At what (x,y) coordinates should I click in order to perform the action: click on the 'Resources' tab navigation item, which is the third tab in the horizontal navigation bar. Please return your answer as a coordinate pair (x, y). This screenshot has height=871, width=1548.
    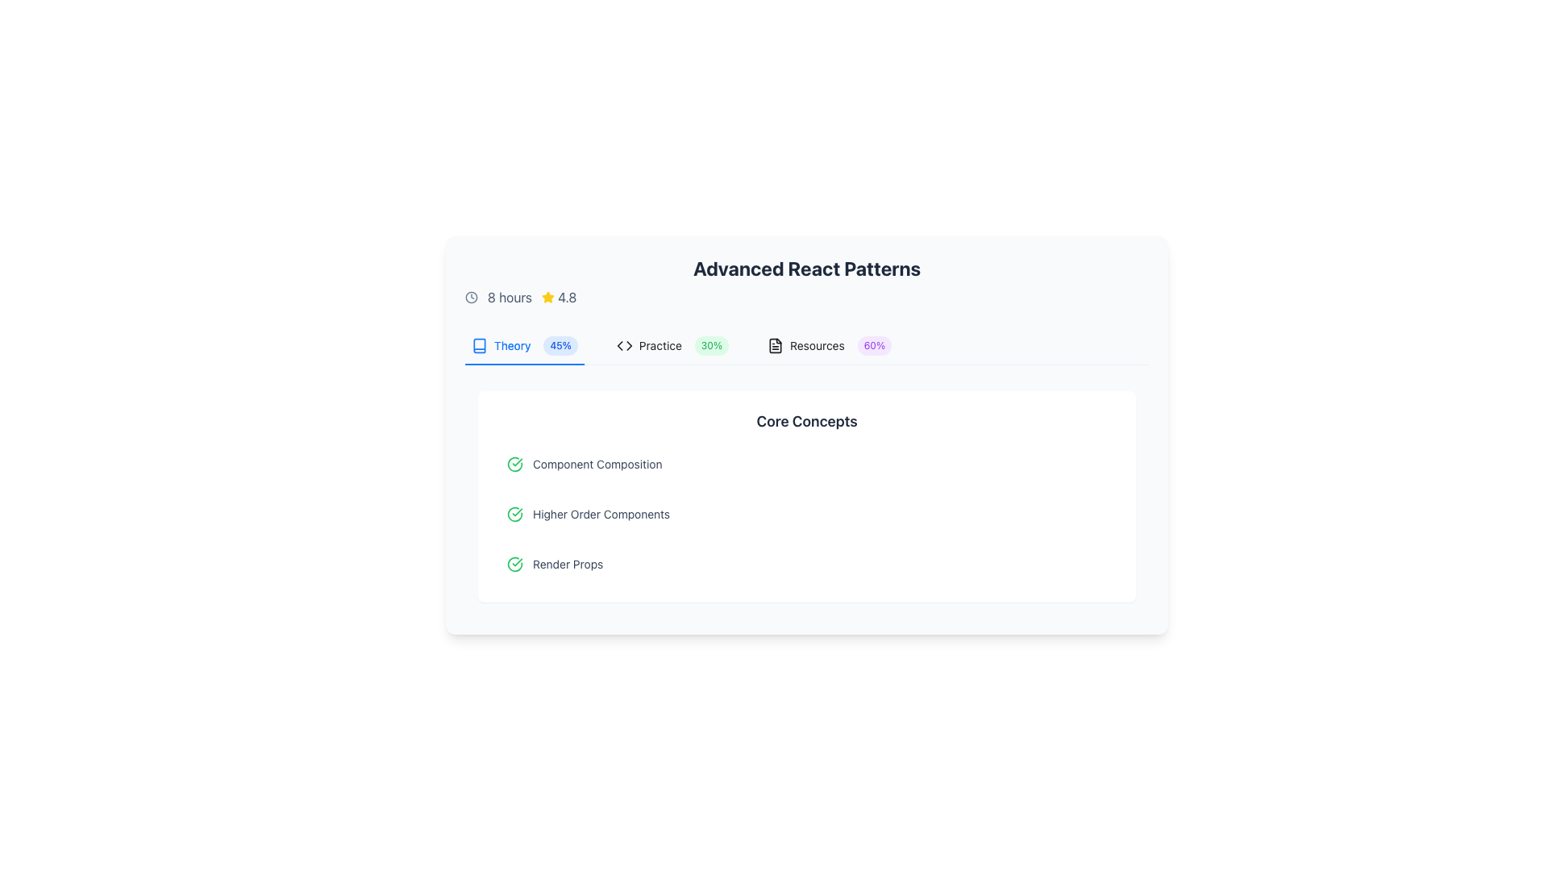
    Looking at the image, I should click on (829, 344).